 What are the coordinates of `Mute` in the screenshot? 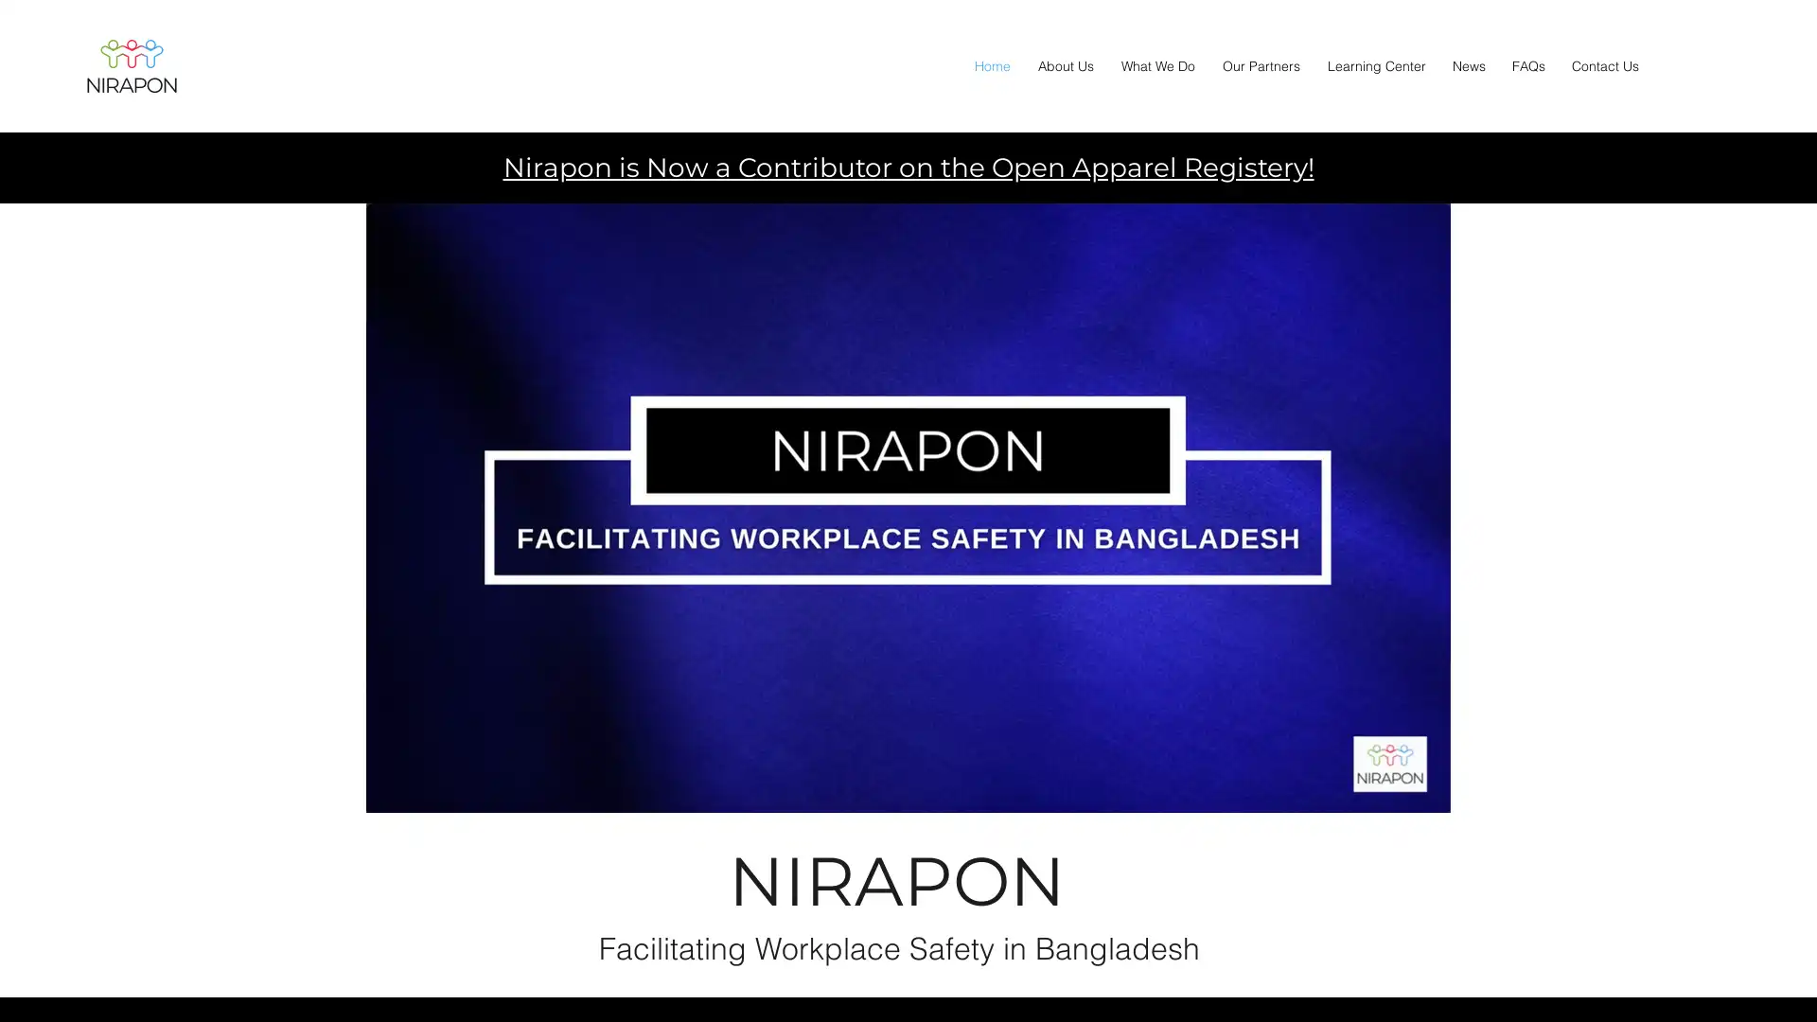 It's located at (1426, 792).